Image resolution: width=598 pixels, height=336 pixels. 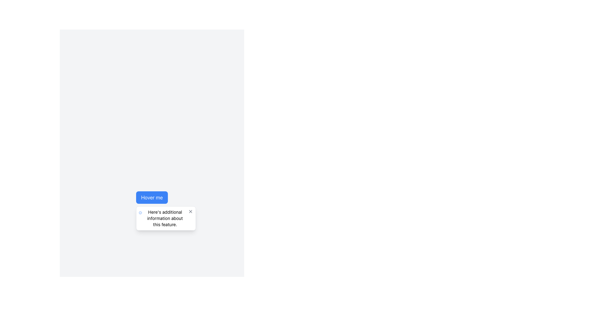 What do you see at coordinates (190, 211) in the screenshot?
I see `the close button for the tooltip, located at the right side of the accompanying text block, to change its color` at bounding box center [190, 211].